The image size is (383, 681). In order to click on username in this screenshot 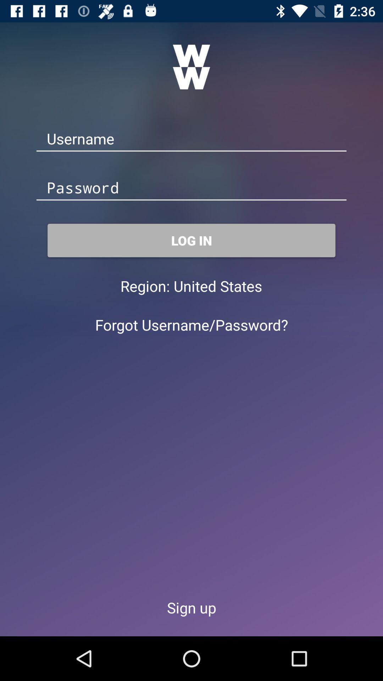, I will do `click(191, 139)`.